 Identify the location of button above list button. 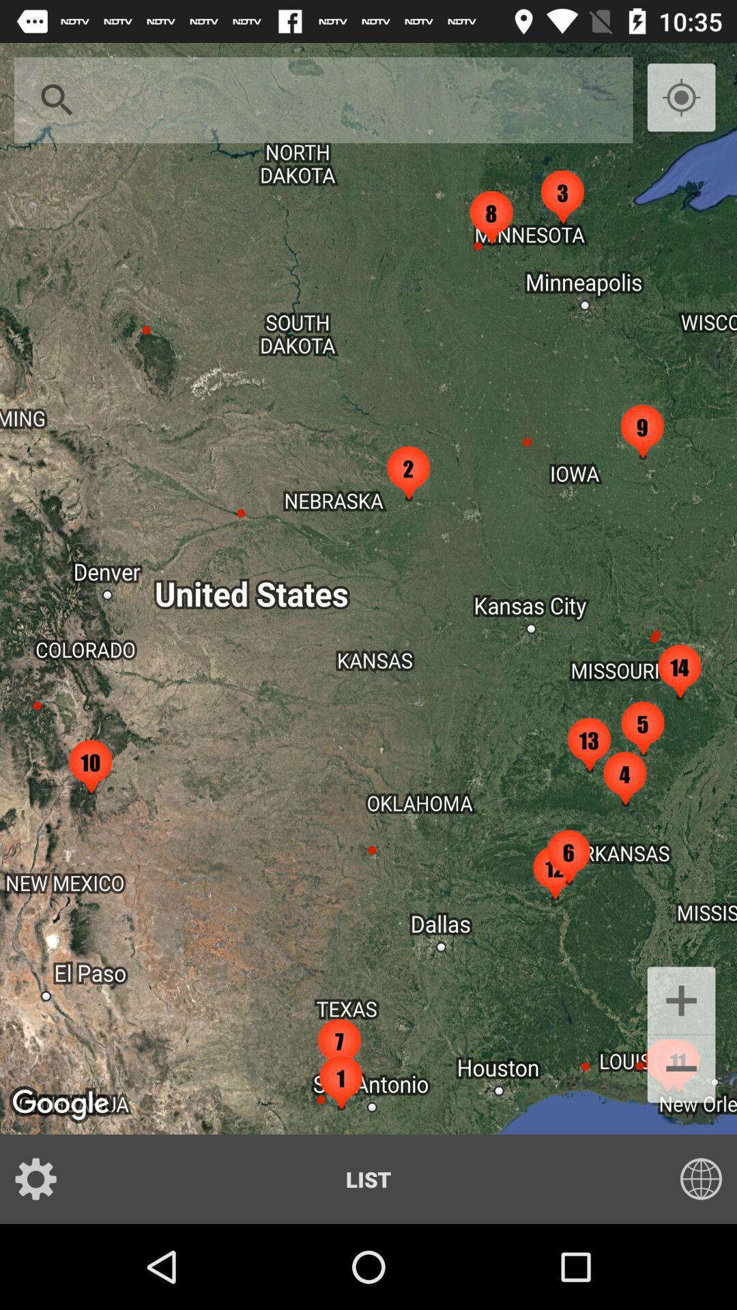
(681, 1070).